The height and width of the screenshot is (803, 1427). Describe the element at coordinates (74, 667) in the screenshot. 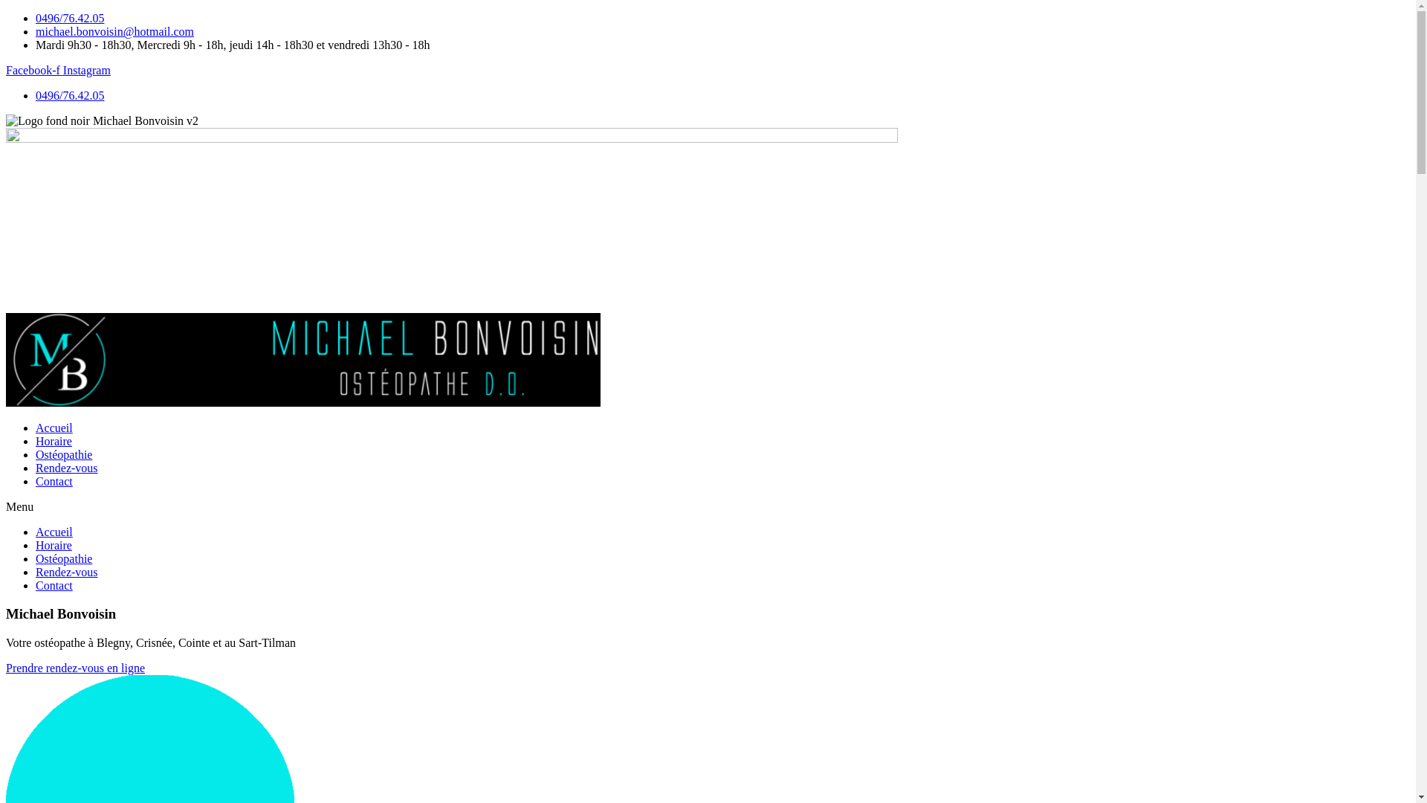

I see `'Prendre rendez-vous en ligne'` at that location.